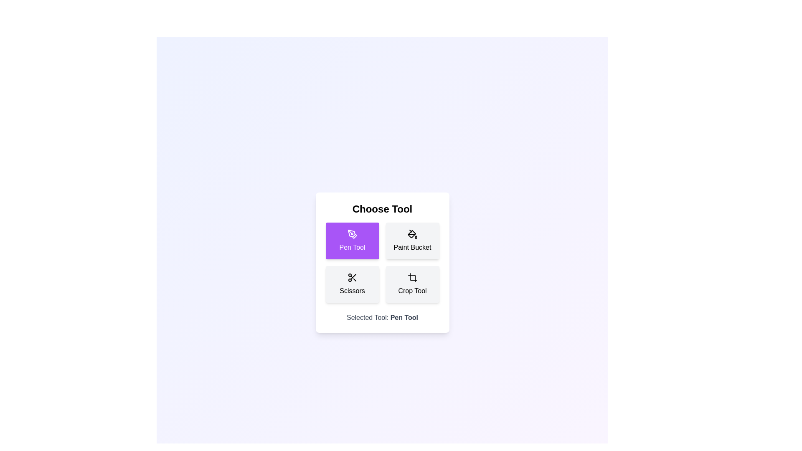 Image resolution: width=802 pixels, height=451 pixels. Describe the element at coordinates (412, 241) in the screenshot. I see `the tool Paint Bucket by clicking on its corresponding button` at that location.